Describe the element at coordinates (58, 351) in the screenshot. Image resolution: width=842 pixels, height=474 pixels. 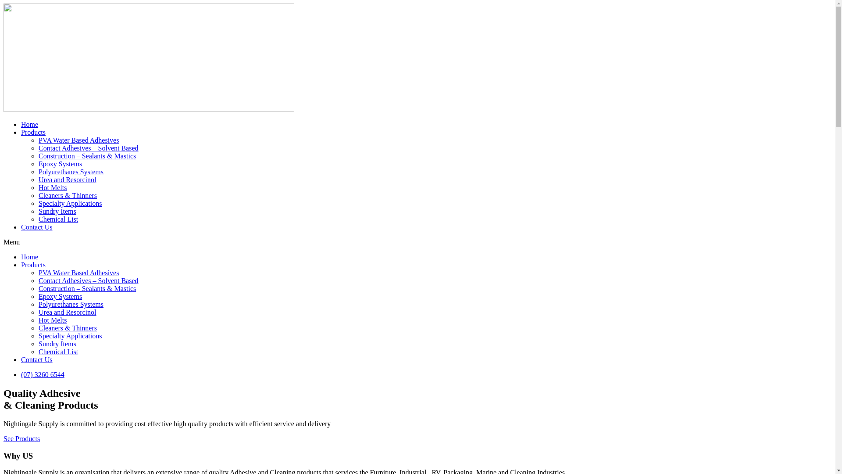
I see `'Chemical List'` at that location.